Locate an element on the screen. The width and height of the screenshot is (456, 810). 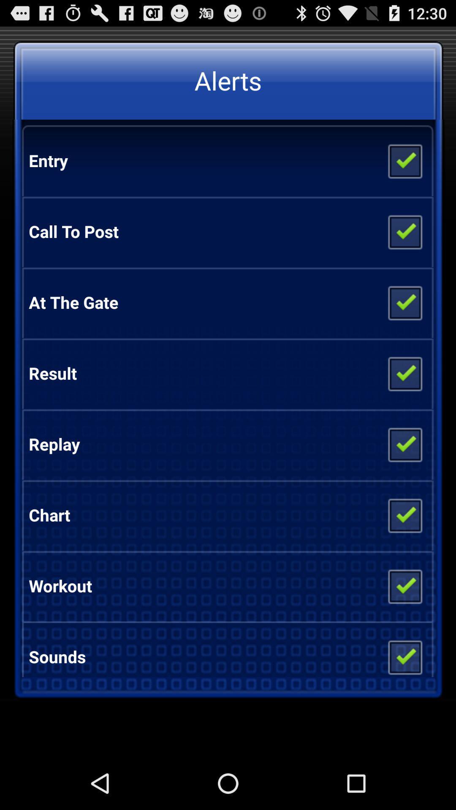
icon next to result is located at coordinates (404, 373).